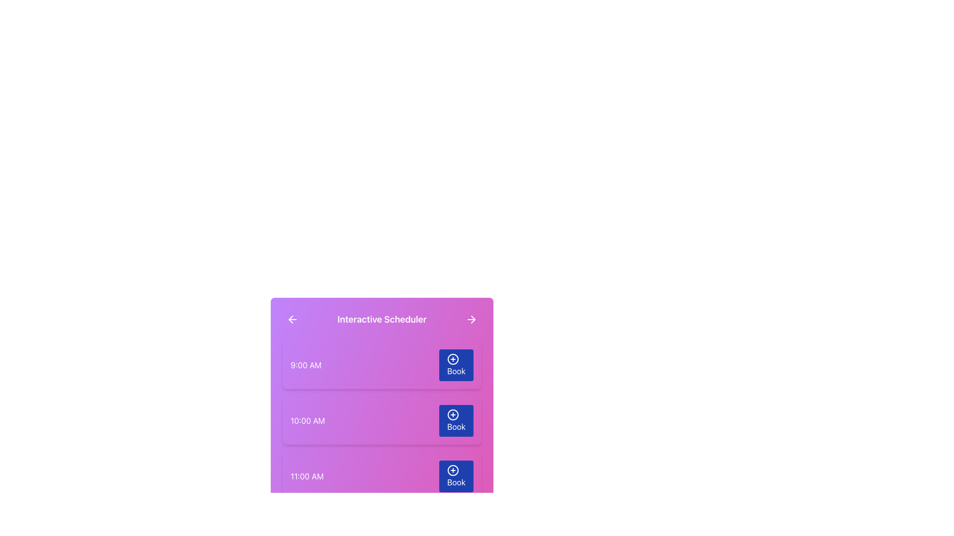 This screenshot has height=536, width=954. What do you see at coordinates (381, 320) in the screenshot?
I see `the Text Header element that serves as a title for the scheduler interface, positioned at the center of the top bar` at bounding box center [381, 320].